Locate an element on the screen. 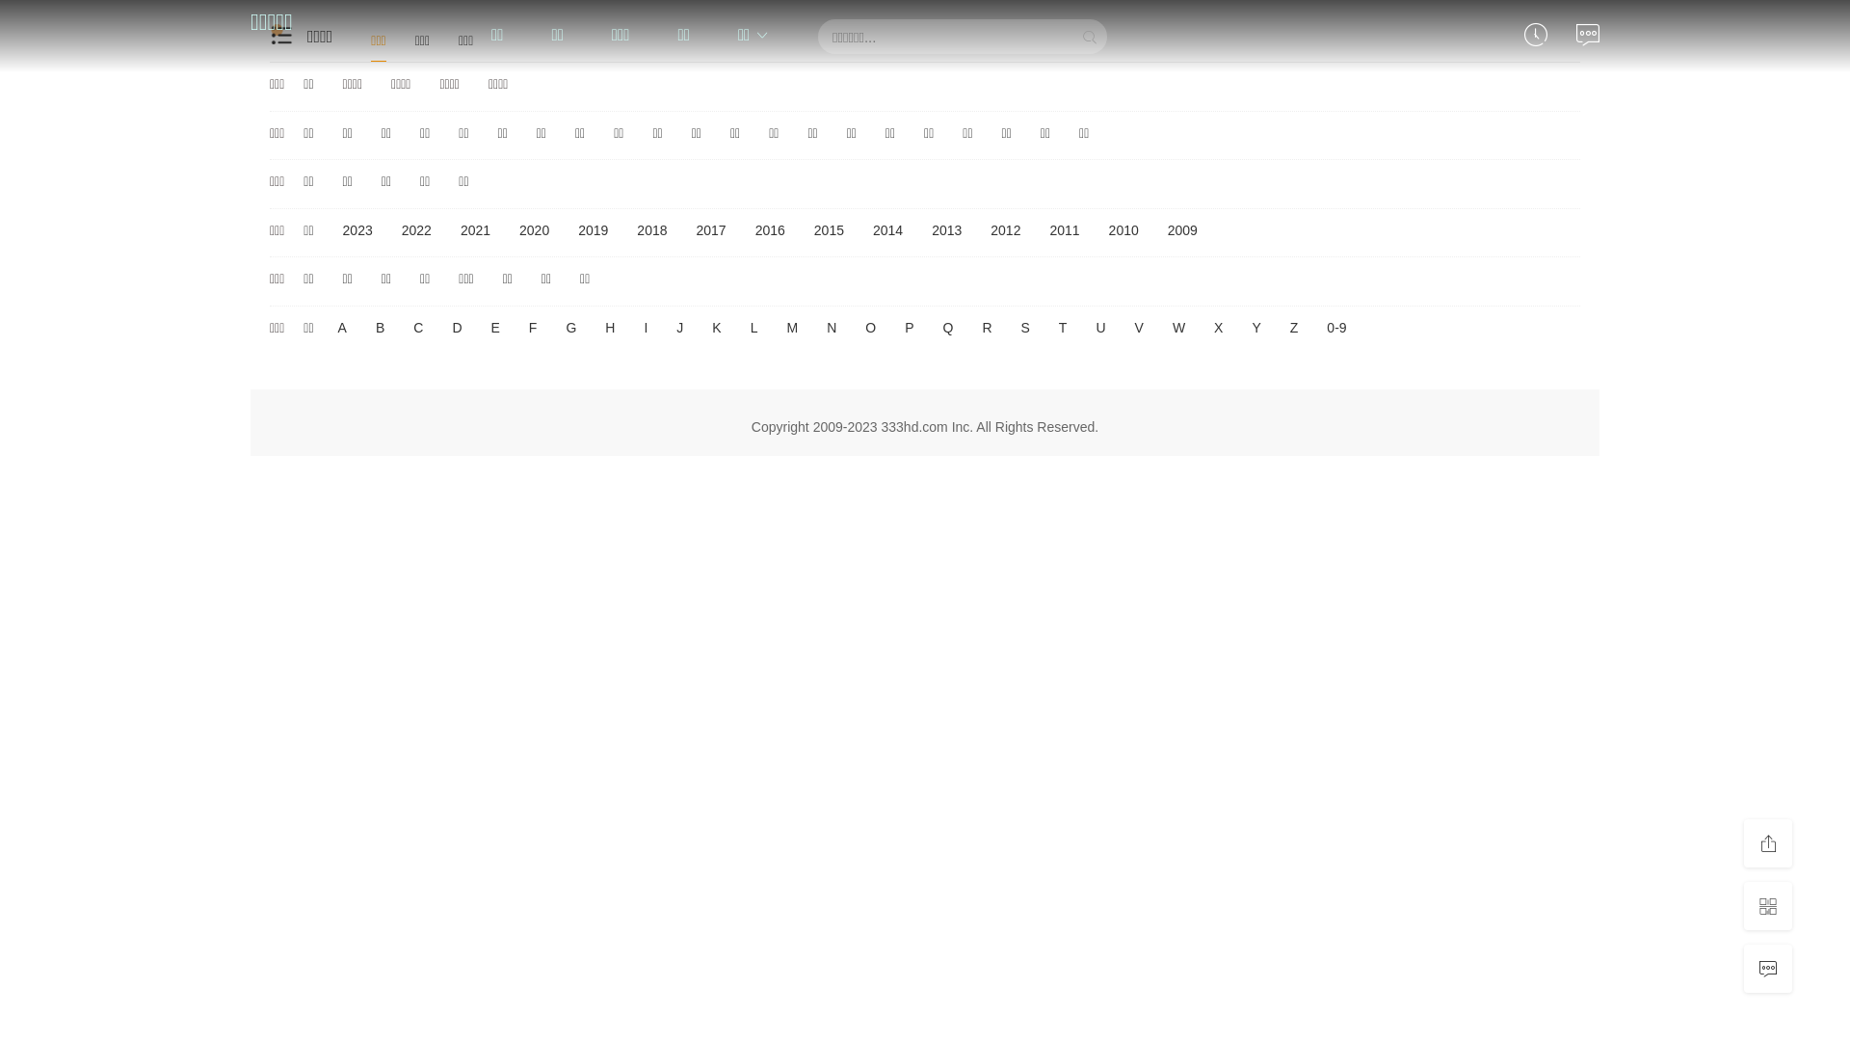  'X' is located at coordinates (1207, 327).